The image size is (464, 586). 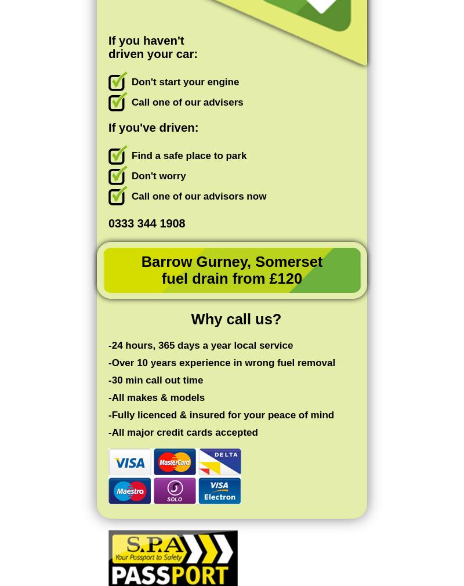 I want to click on '24 hours, 365 days a year local service', so click(x=111, y=345).